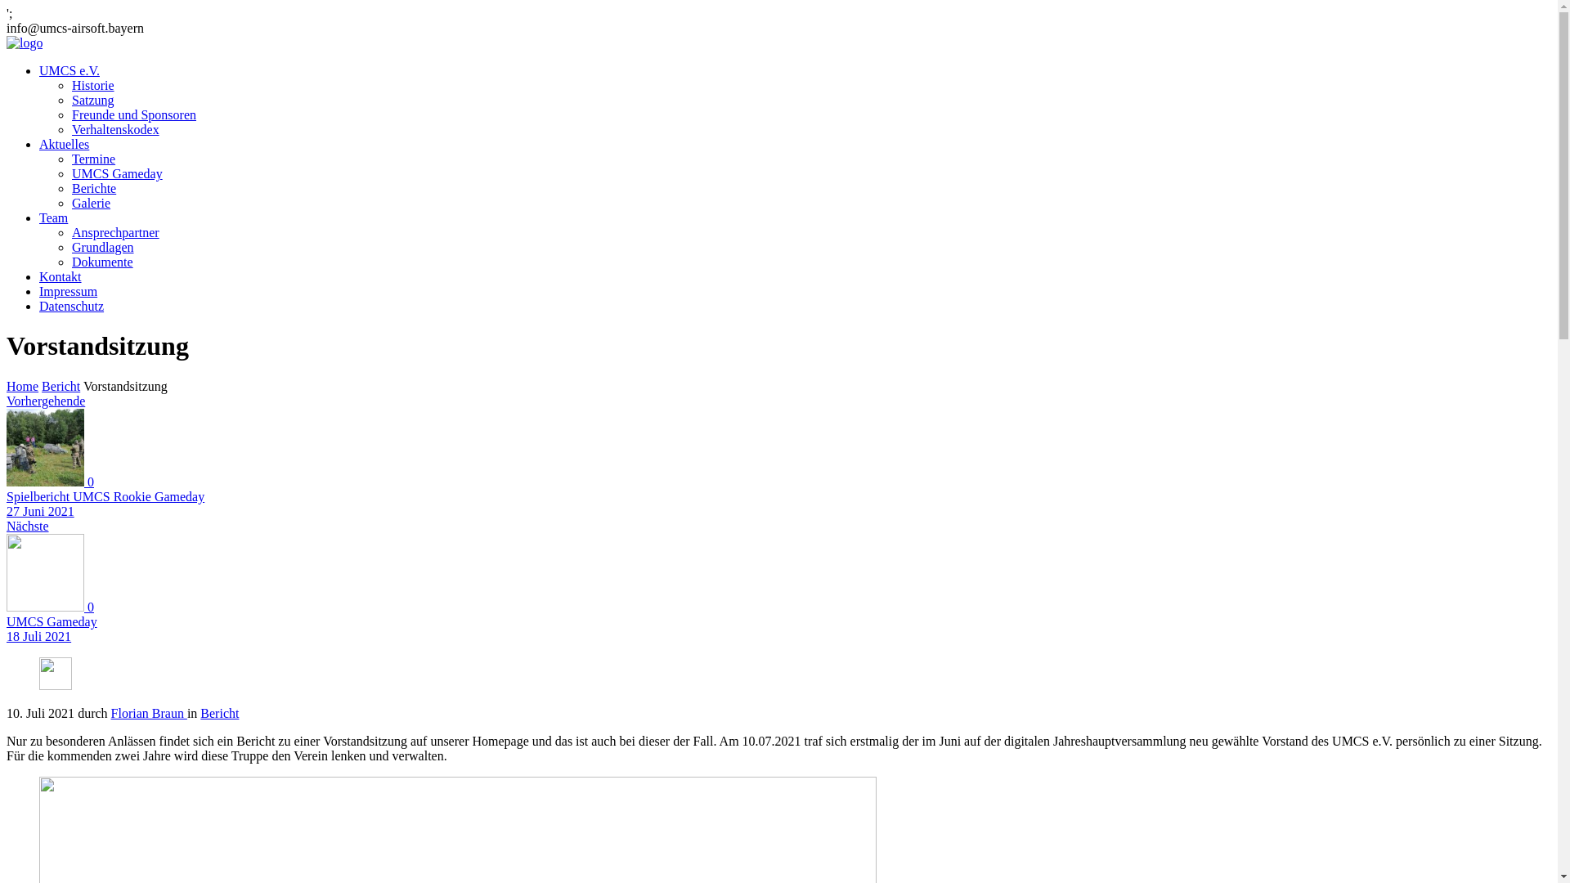 The image size is (1570, 883). What do you see at coordinates (39, 290) in the screenshot?
I see `'Impressum'` at bounding box center [39, 290].